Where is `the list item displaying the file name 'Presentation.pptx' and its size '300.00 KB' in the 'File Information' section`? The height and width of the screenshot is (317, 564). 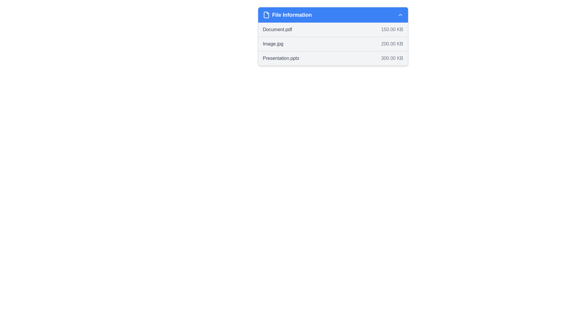 the list item displaying the file name 'Presentation.pptx' and its size '300.00 KB' in the 'File Information' section is located at coordinates (333, 58).